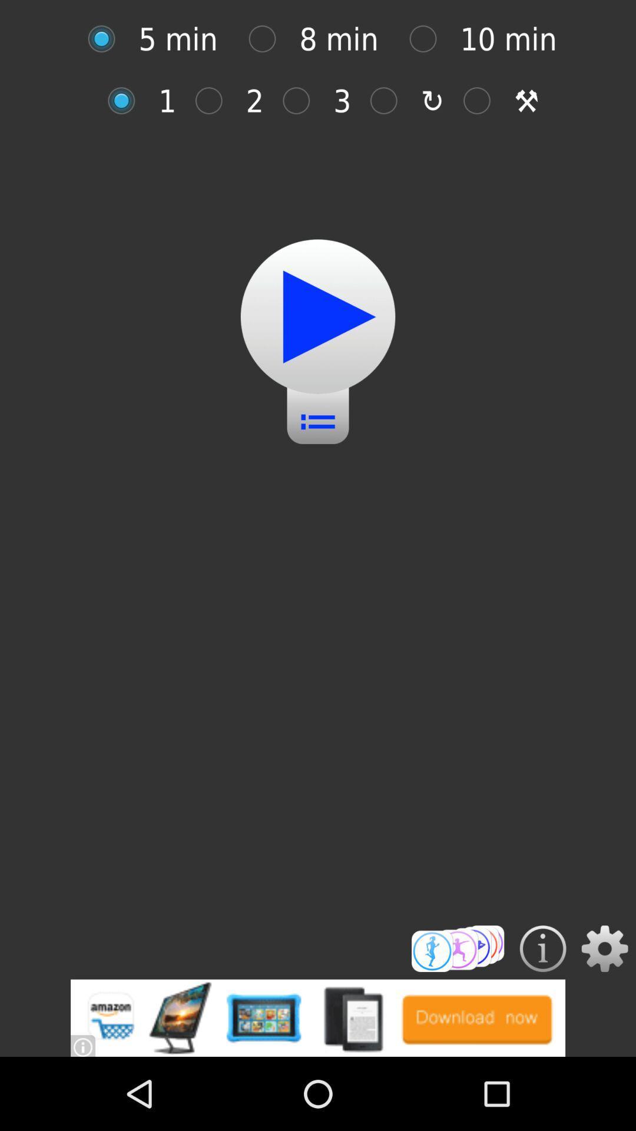 This screenshot has height=1131, width=636. What do you see at coordinates (107, 39) in the screenshot?
I see `5 minute duration` at bounding box center [107, 39].